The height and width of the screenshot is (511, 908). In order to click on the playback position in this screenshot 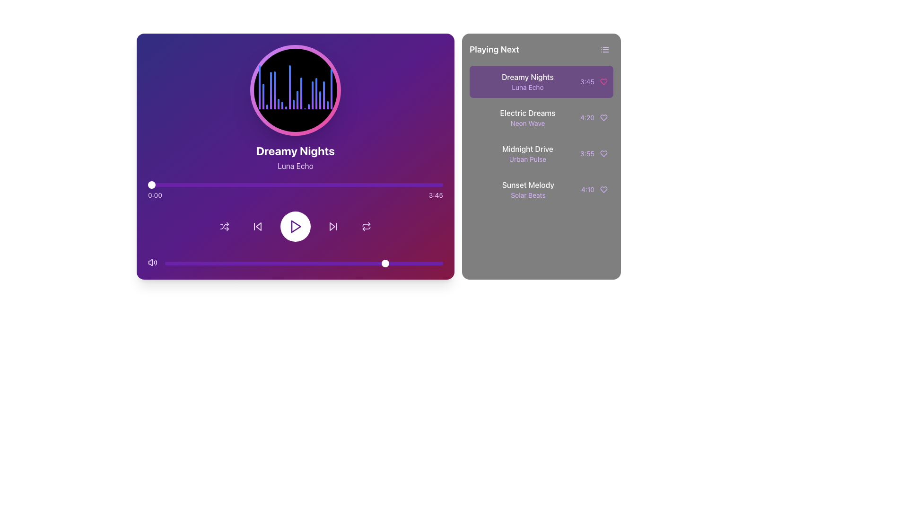, I will do `click(342, 185)`.